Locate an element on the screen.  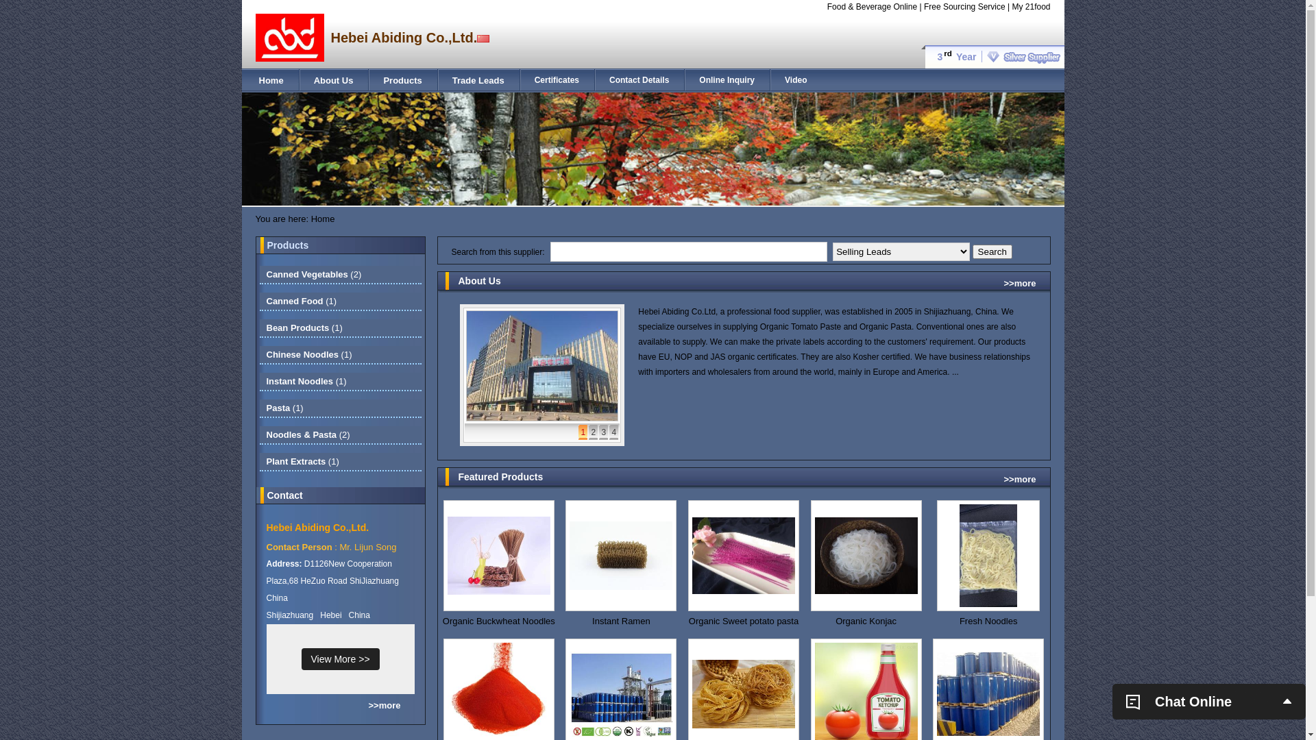
'Instant Ramen' is located at coordinates (620, 621).